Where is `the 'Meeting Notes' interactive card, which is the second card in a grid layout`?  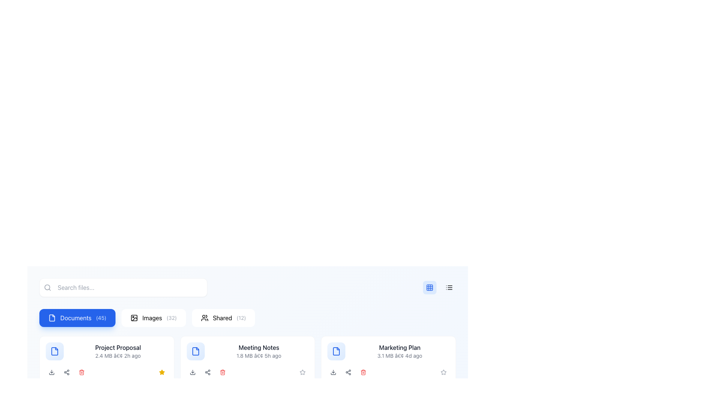 the 'Meeting Notes' interactive card, which is the second card in a grid layout is located at coordinates (247, 360).